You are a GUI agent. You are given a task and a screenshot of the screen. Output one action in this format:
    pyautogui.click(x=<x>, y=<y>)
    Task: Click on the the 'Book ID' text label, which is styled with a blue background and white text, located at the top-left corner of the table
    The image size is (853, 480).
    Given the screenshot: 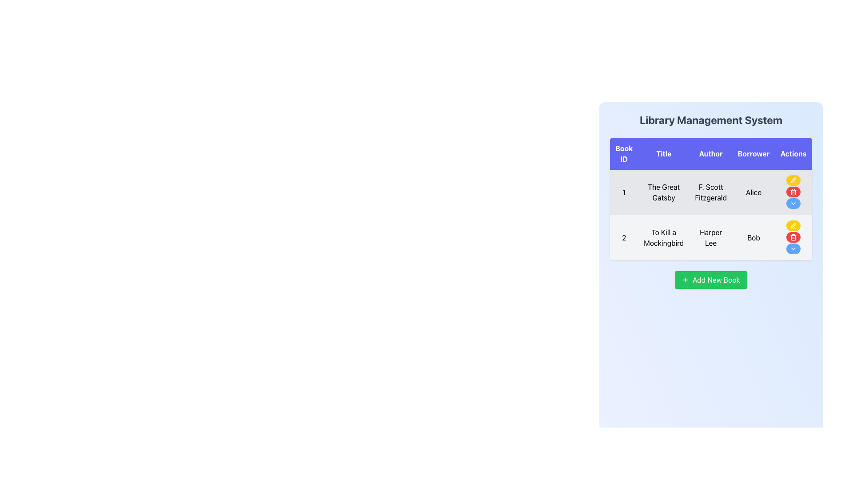 What is the action you would take?
    pyautogui.click(x=623, y=153)
    